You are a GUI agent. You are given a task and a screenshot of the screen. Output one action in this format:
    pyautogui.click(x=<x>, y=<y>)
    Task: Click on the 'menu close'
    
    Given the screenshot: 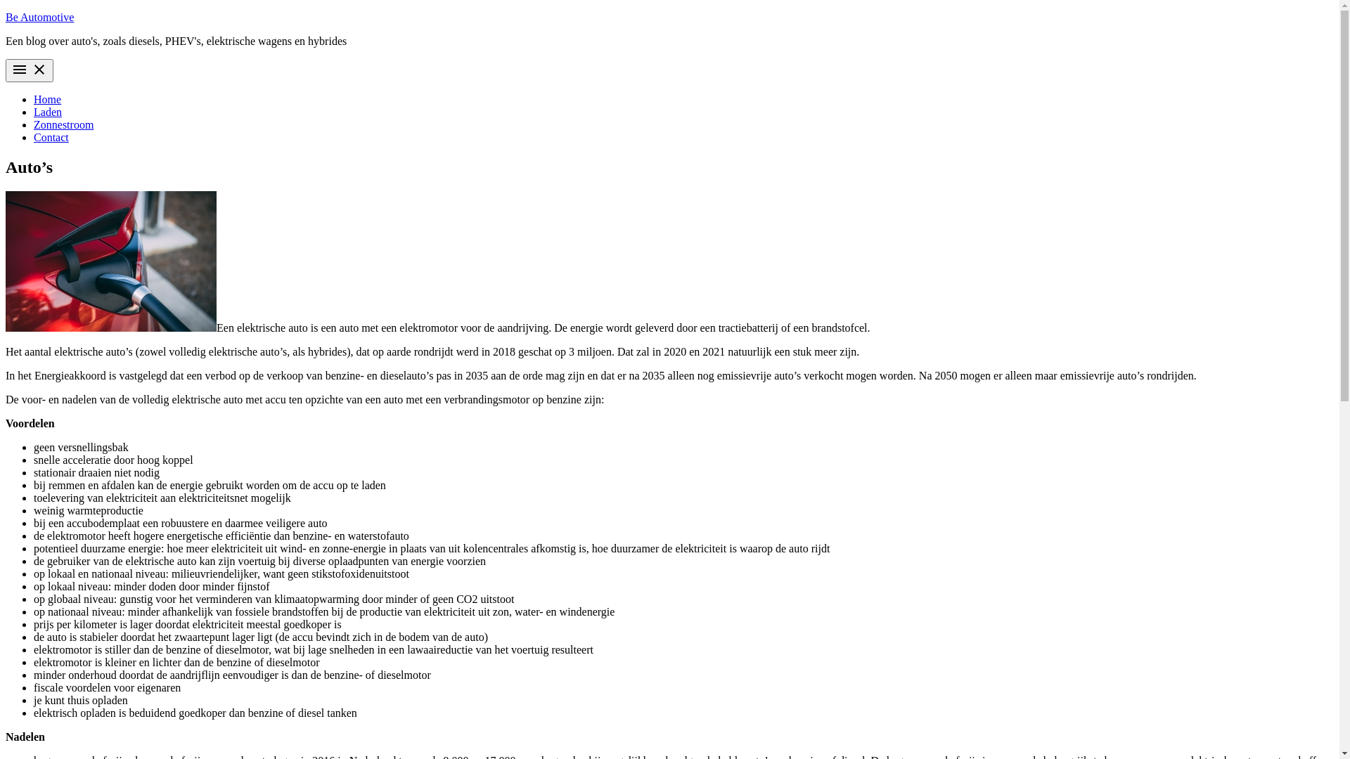 What is the action you would take?
    pyautogui.click(x=30, y=70)
    